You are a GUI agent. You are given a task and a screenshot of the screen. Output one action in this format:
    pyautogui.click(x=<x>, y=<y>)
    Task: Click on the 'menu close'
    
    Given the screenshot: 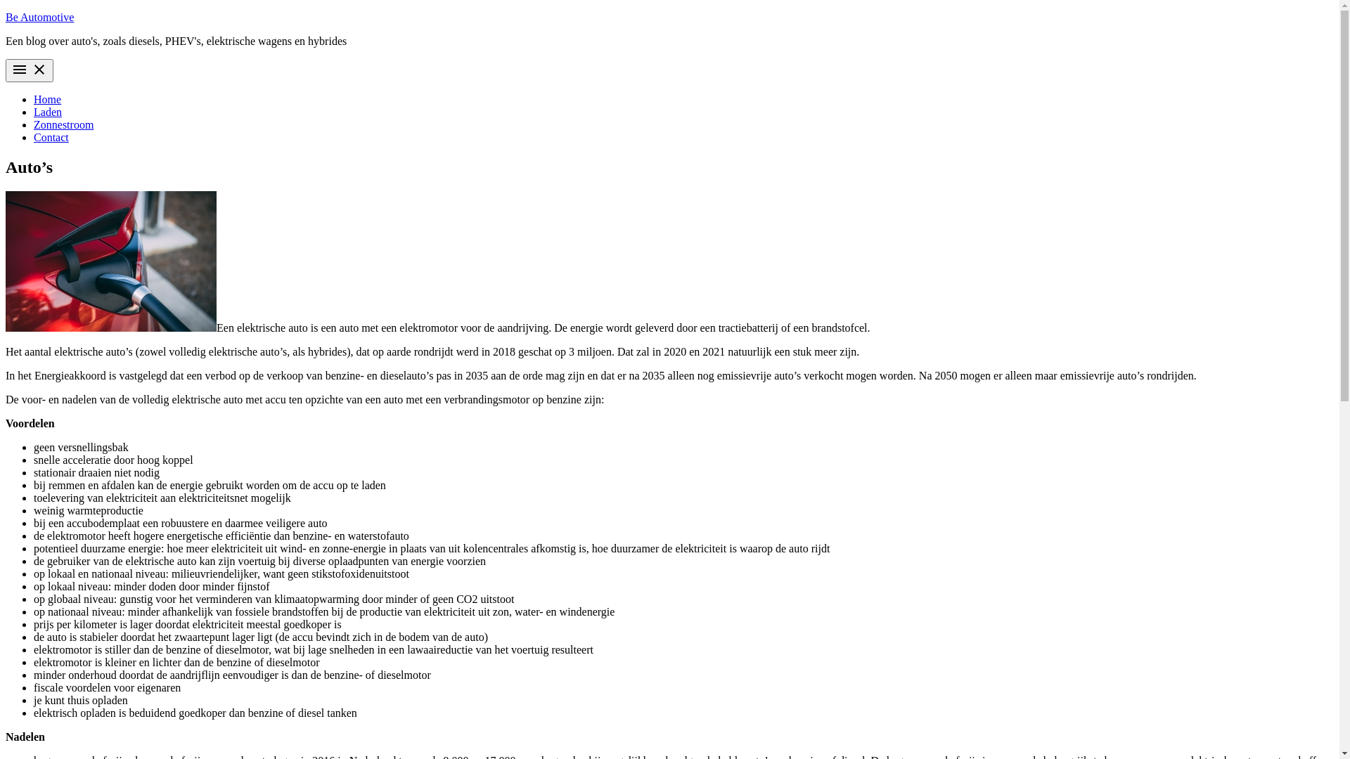 What is the action you would take?
    pyautogui.click(x=30, y=70)
    